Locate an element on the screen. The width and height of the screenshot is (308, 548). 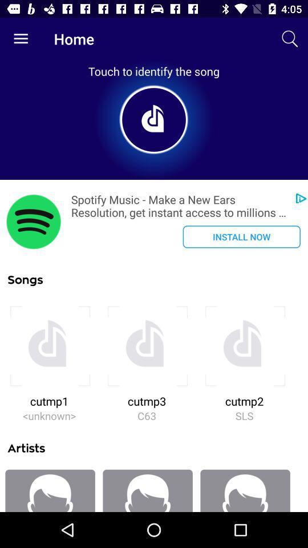
the icon at the top right corner is located at coordinates (290, 39).